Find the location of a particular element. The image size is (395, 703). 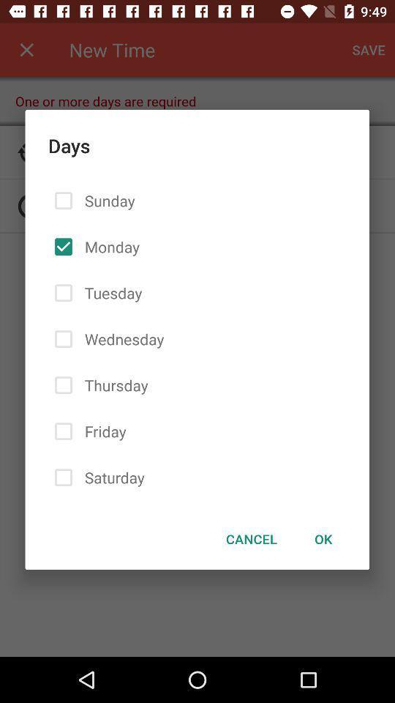

the friday is located at coordinates (102, 431).